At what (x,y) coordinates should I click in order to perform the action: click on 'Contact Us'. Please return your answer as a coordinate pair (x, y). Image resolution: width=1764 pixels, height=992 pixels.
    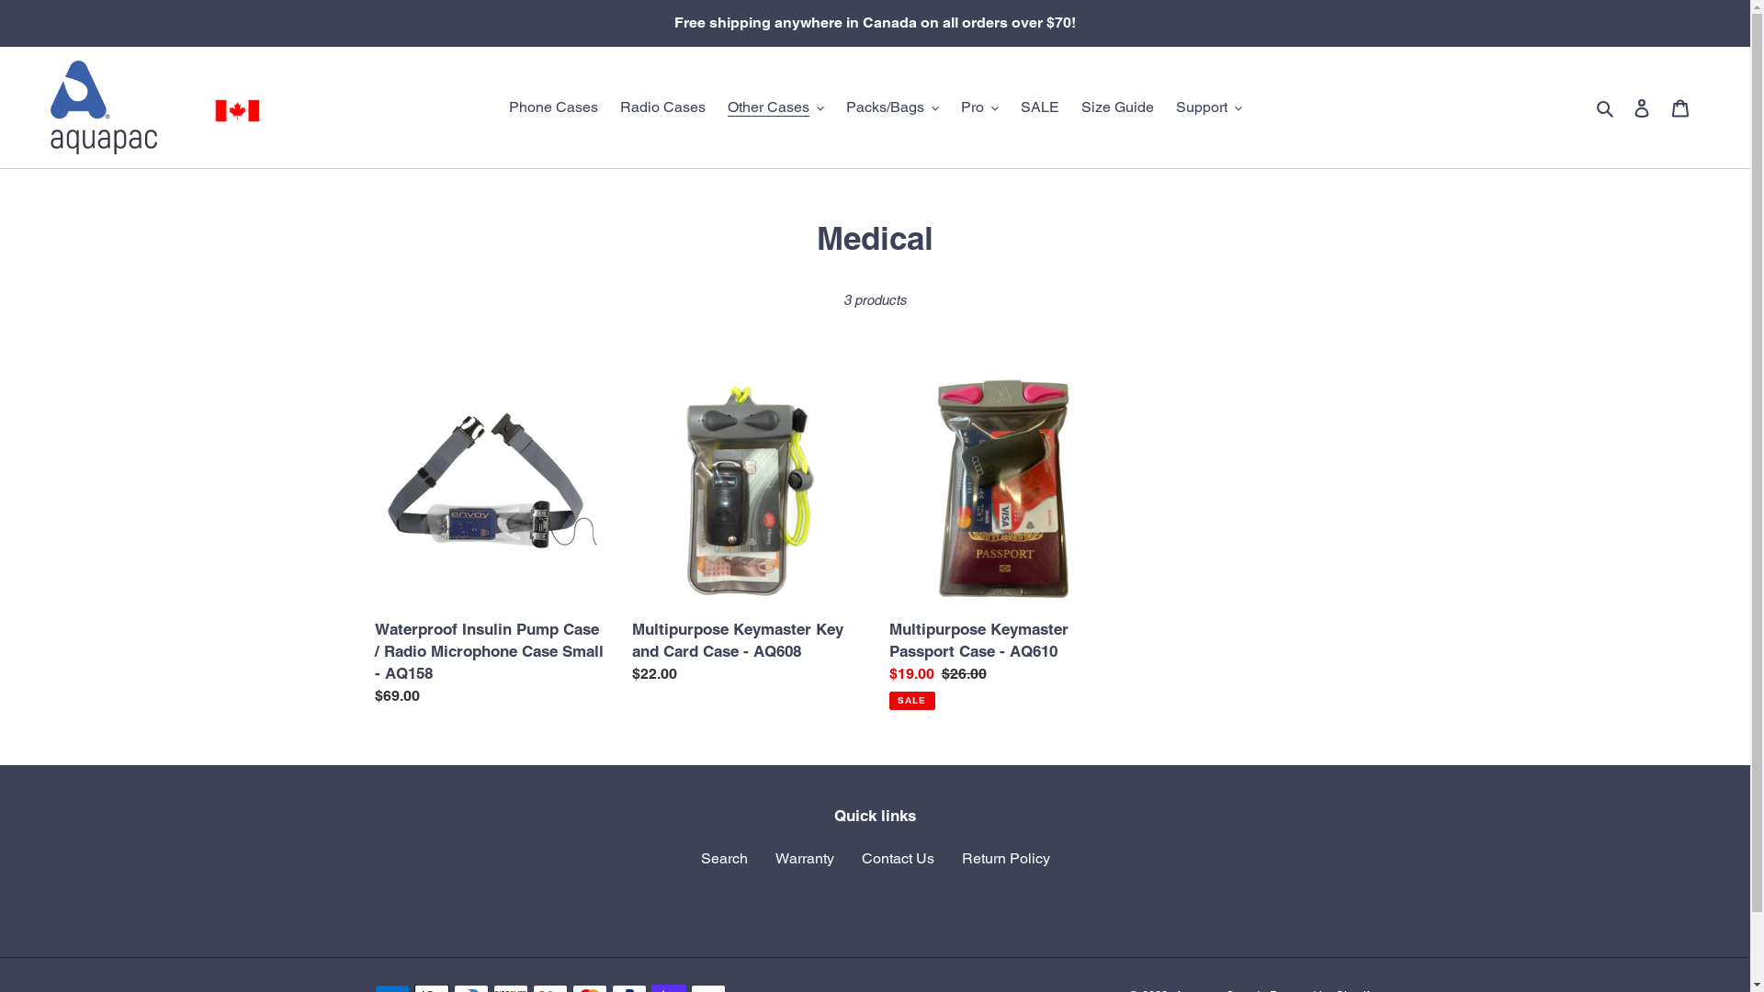
    Looking at the image, I should click on (898, 858).